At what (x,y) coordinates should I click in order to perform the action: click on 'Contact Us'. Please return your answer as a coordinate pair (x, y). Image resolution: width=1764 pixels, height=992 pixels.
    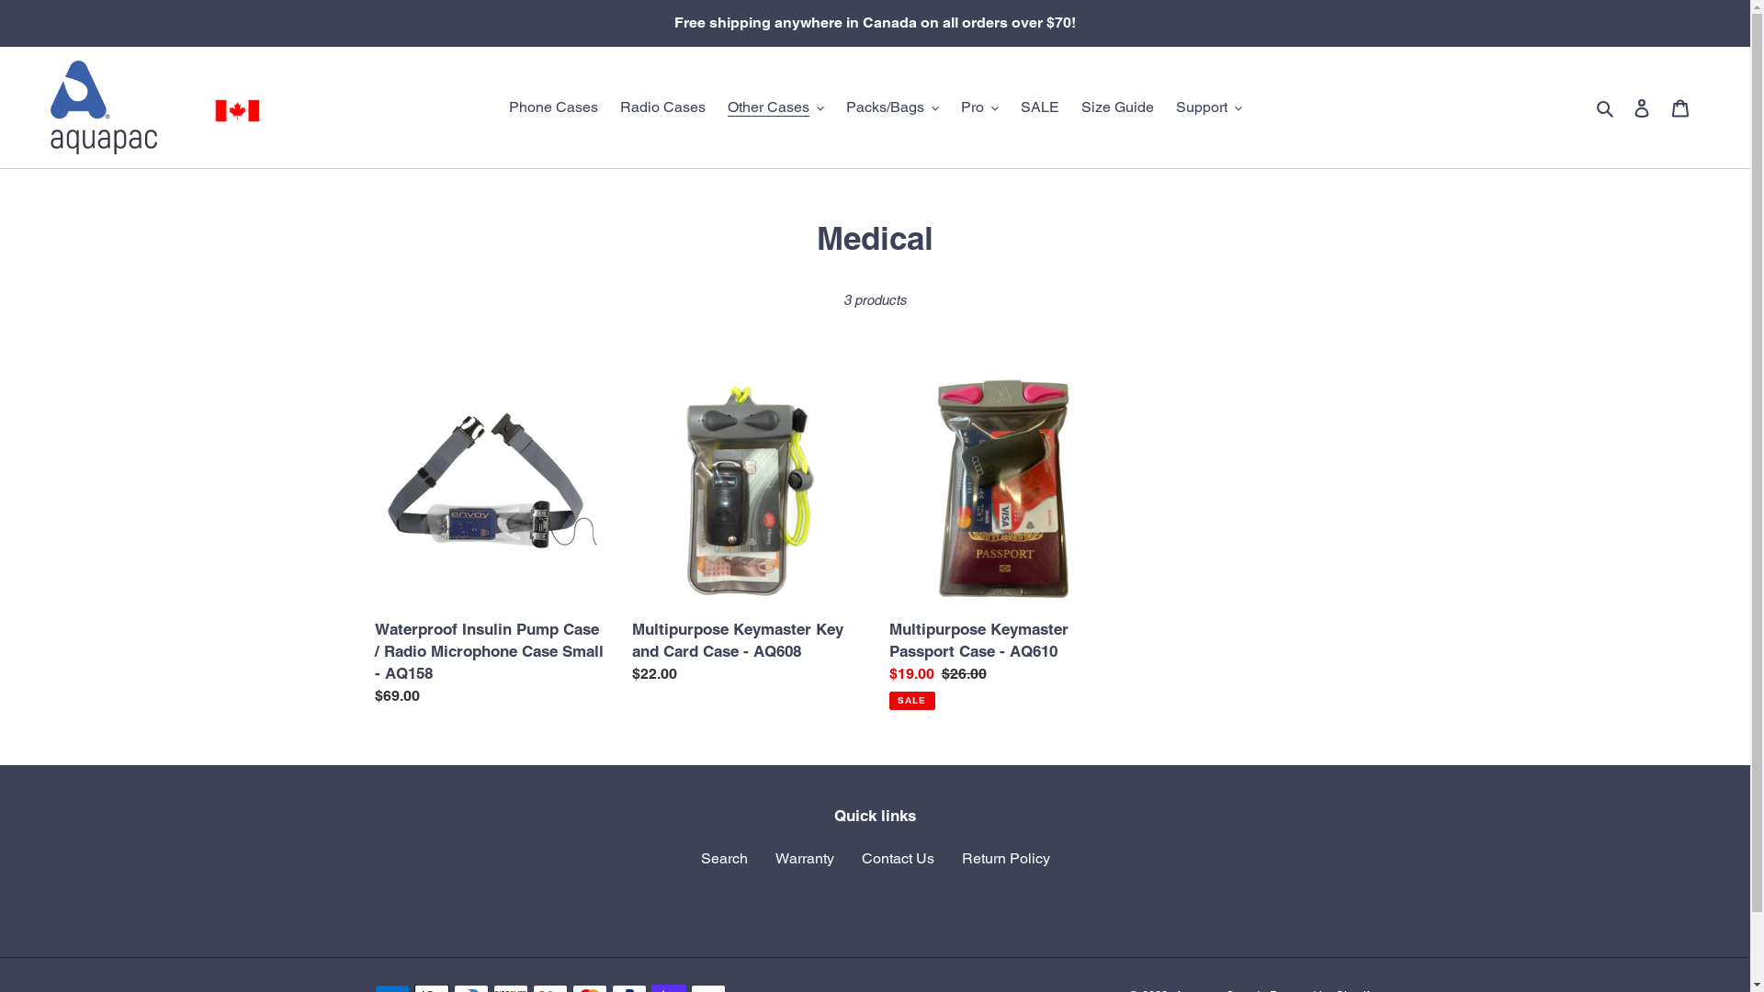
    Looking at the image, I should click on (898, 858).